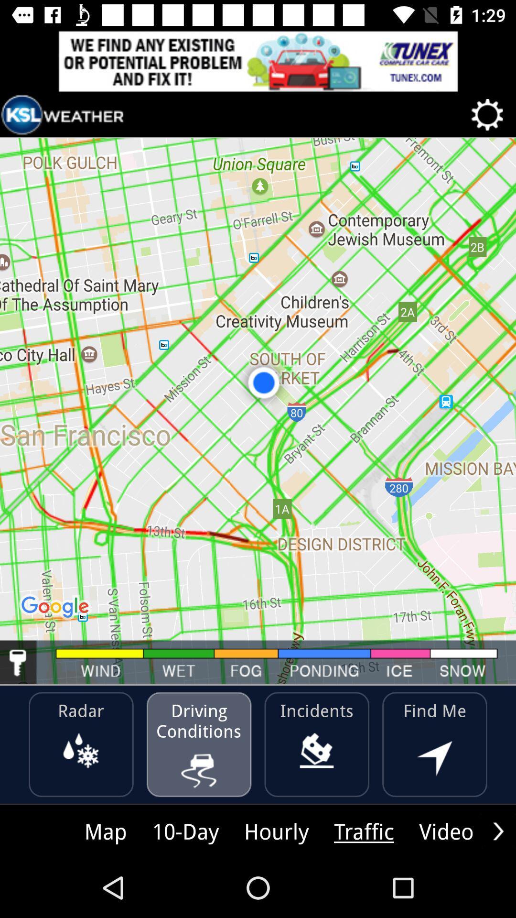 This screenshot has height=918, width=516. I want to click on ksl weather icon, so click(63, 115).